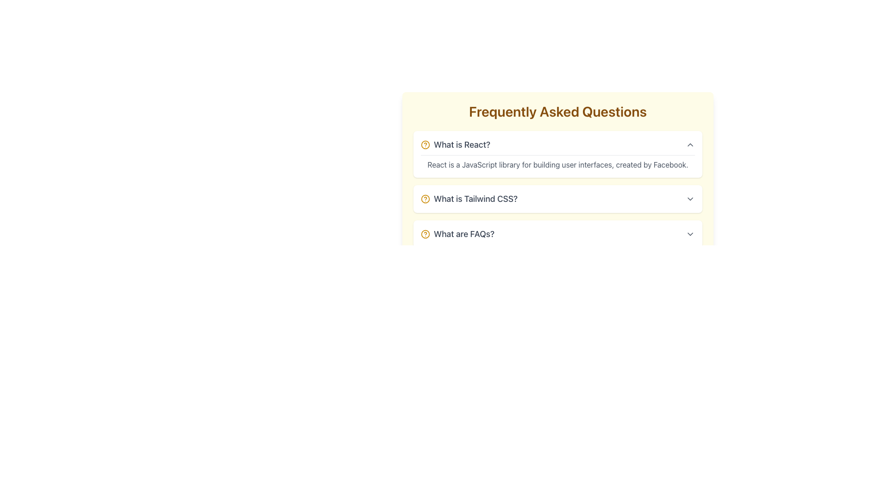 The width and height of the screenshot is (889, 500). Describe the element at coordinates (457, 233) in the screenshot. I see `the circular help indicator icon of the Interactive Text with Icon element labeled 'What are FAQs?'` at that location.